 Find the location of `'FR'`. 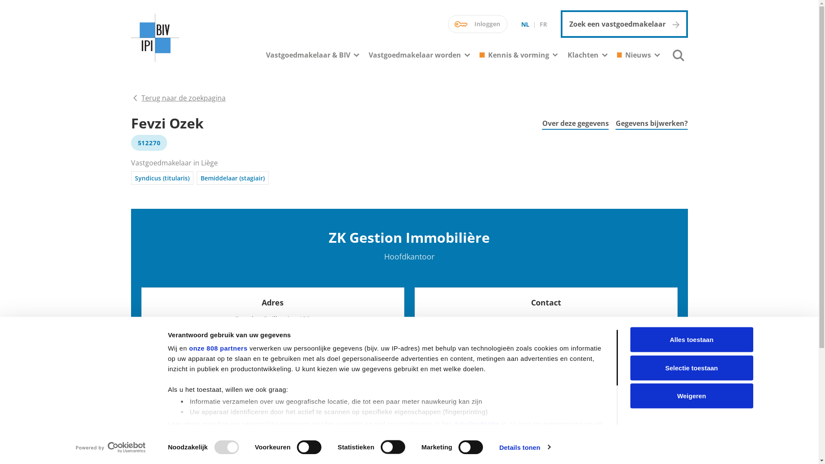

'FR' is located at coordinates (539, 24).